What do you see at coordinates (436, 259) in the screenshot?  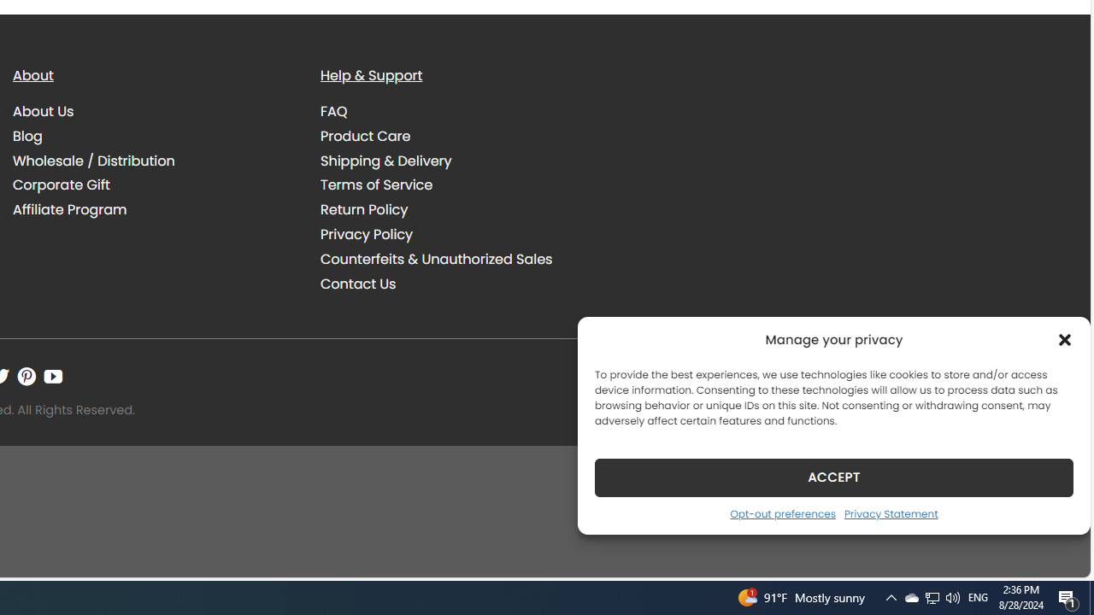 I see `'Counterfeits & Unauthorized Sales'` at bounding box center [436, 259].